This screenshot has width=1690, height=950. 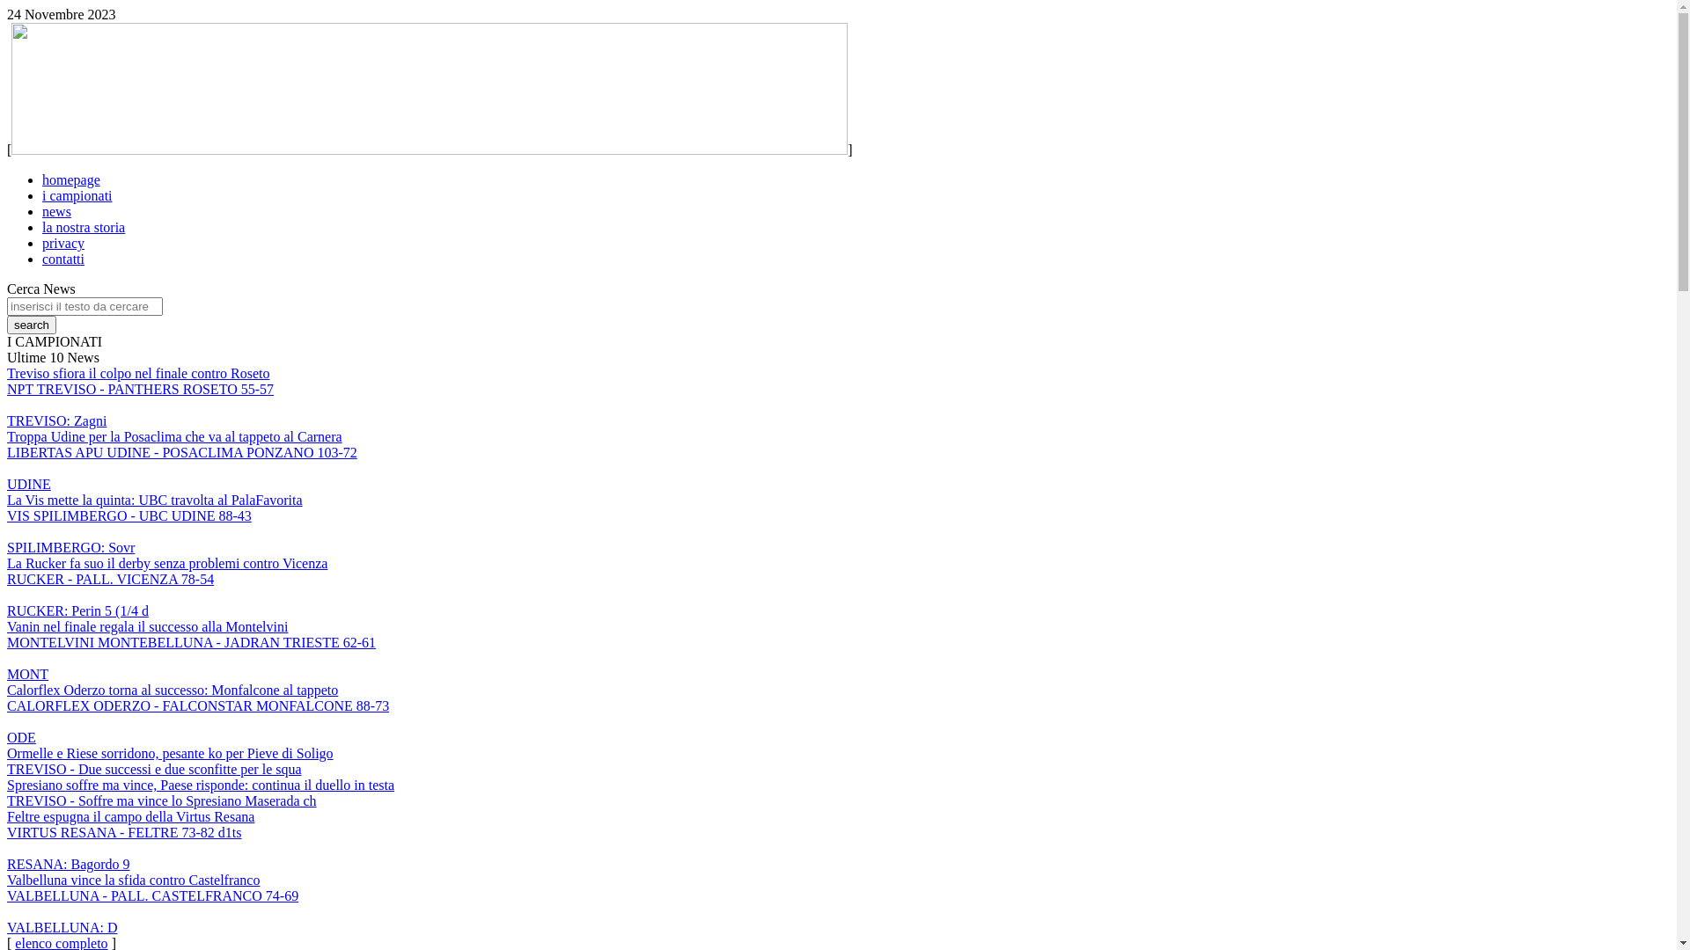 I want to click on 'i campionati', so click(x=76, y=195).